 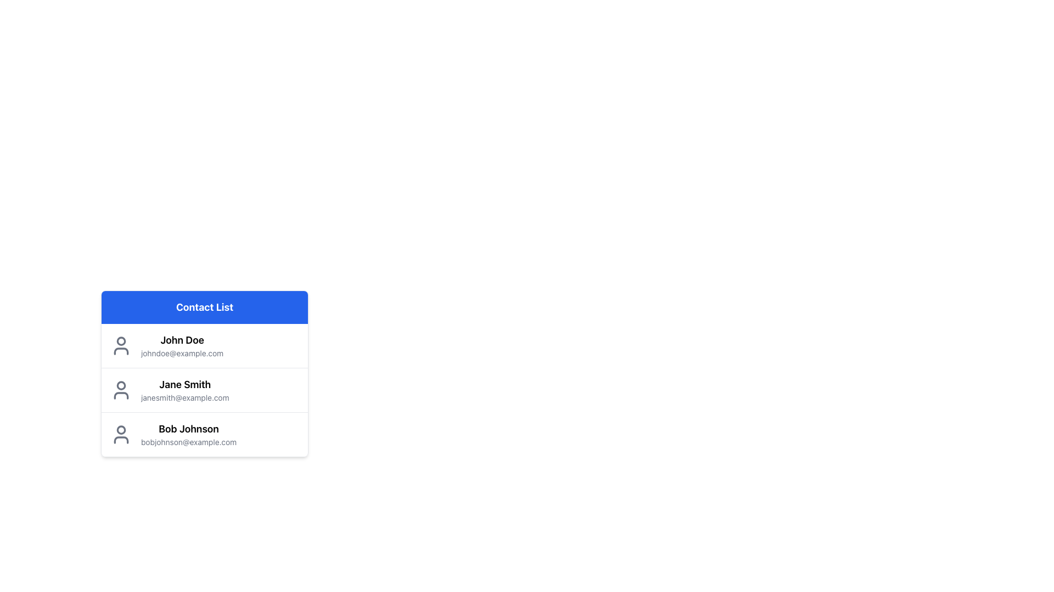 I want to click on the email text label displaying 'johndoe@example.com', which is styled in a smaller gray font and located below the name 'John Doe' in the contact list, so click(x=182, y=353).